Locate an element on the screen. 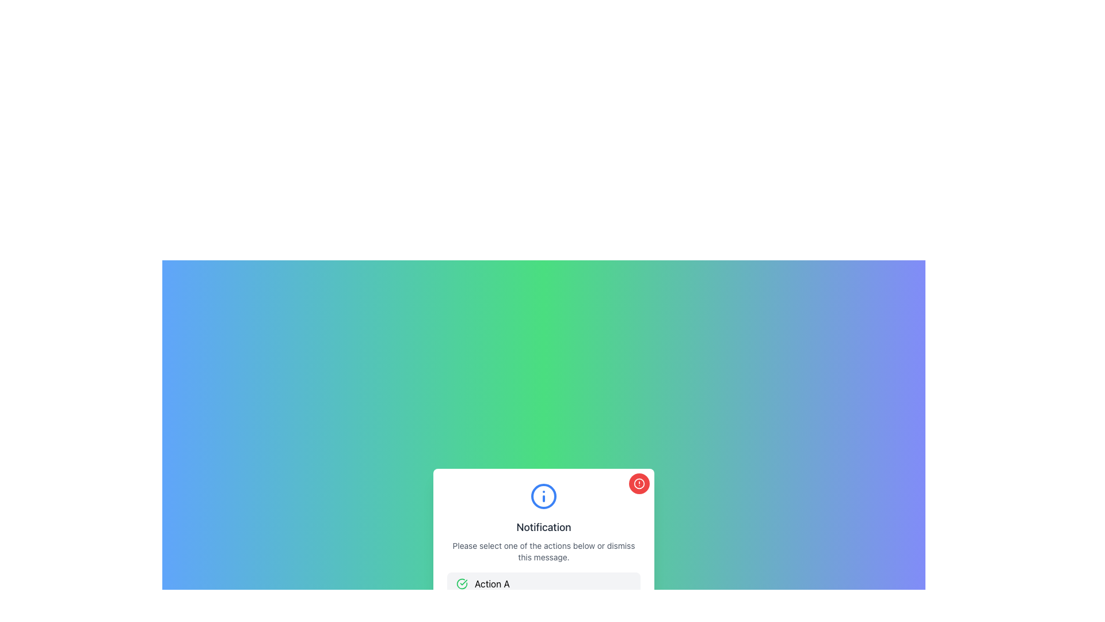 The height and width of the screenshot is (622, 1105). the button labeled 'Action A' located at the bottom center of the notification dialog box is located at coordinates (543, 584).